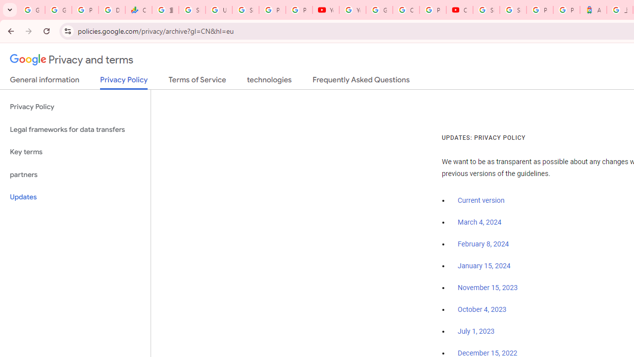 The height and width of the screenshot is (357, 634). What do you see at coordinates (32, 10) in the screenshot?
I see `'Google Workspace Admin Community'` at bounding box center [32, 10].